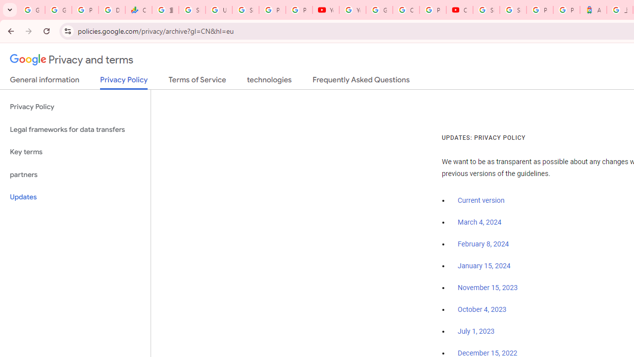 The height and width of the screenshot is (357, 634). What do you see at coordinates (32, 10) in the screenshot?
I see `'Google Workspace Admin Community'` at bounding box center [32, 10].